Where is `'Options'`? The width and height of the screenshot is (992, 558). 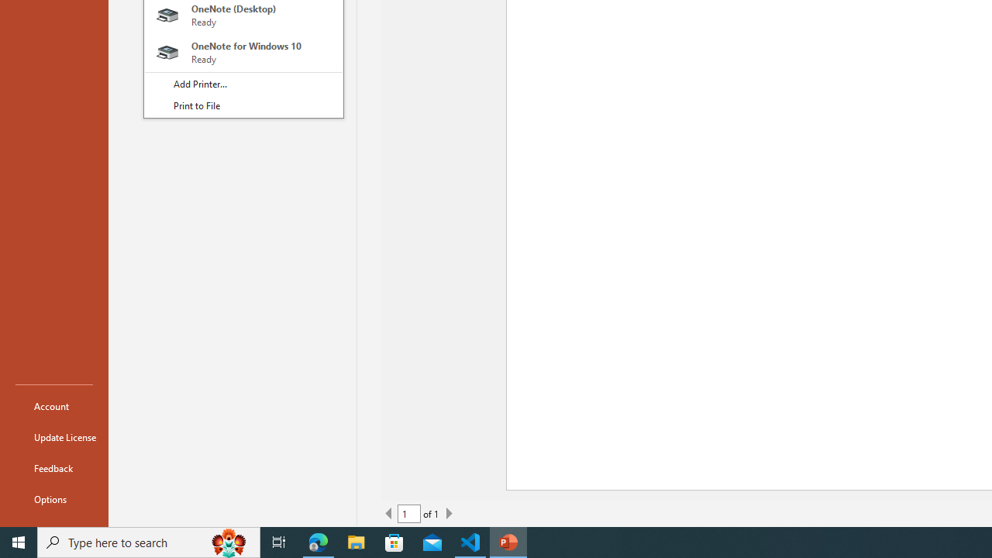 'Options' is located at coordinates (53, 499).